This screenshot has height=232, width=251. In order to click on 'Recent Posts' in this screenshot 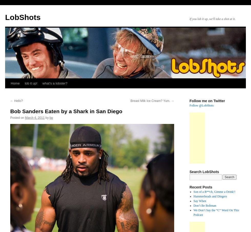, I will do `click(189, 187)`.